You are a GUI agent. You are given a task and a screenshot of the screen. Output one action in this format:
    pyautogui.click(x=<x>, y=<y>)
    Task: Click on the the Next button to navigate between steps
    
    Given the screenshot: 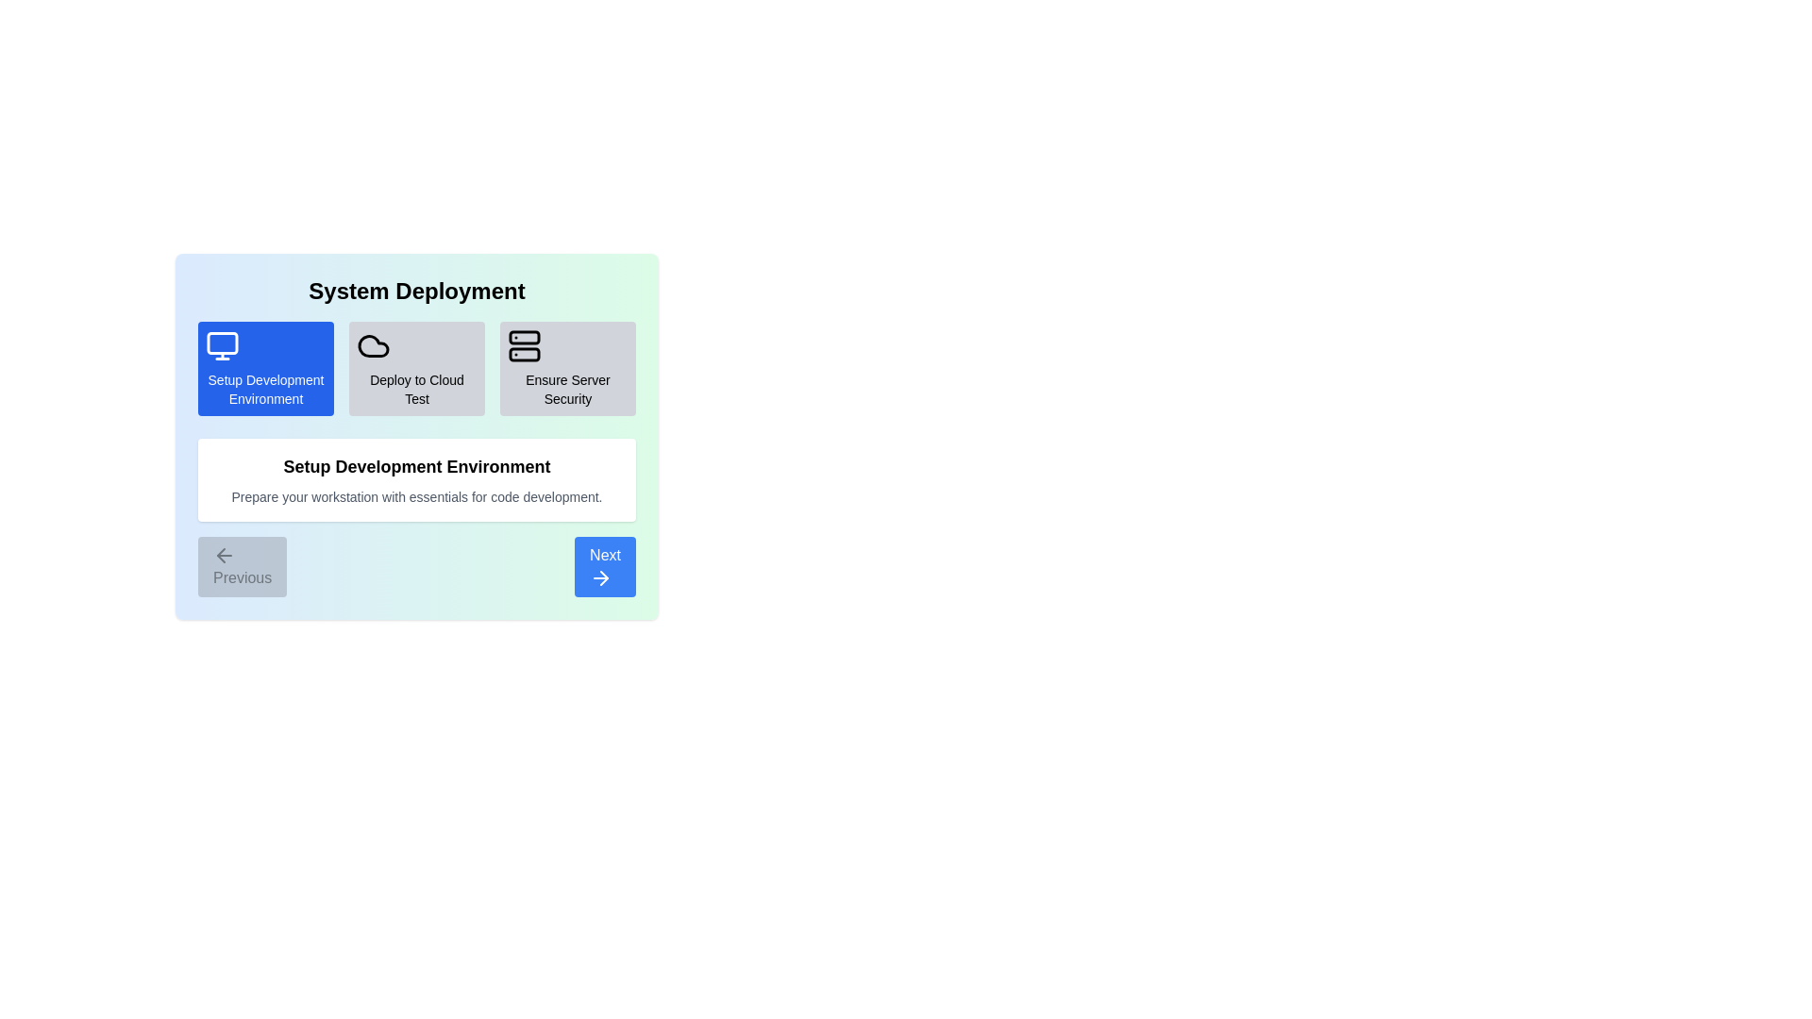 What is the action you would take?
    pyautogui.click(x=605, y=566)
    